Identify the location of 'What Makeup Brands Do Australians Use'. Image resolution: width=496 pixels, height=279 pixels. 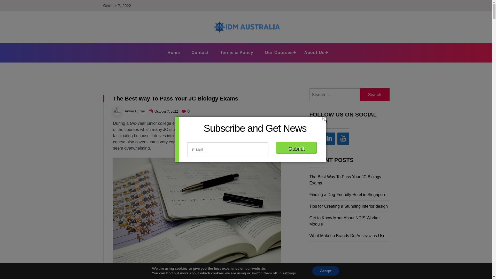
(347, 236).